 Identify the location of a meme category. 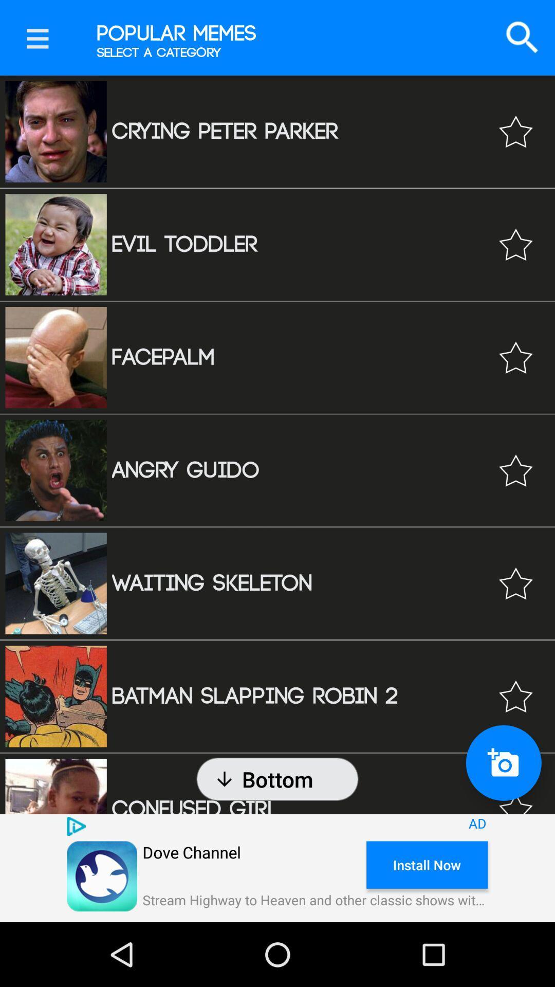
(515, 131).